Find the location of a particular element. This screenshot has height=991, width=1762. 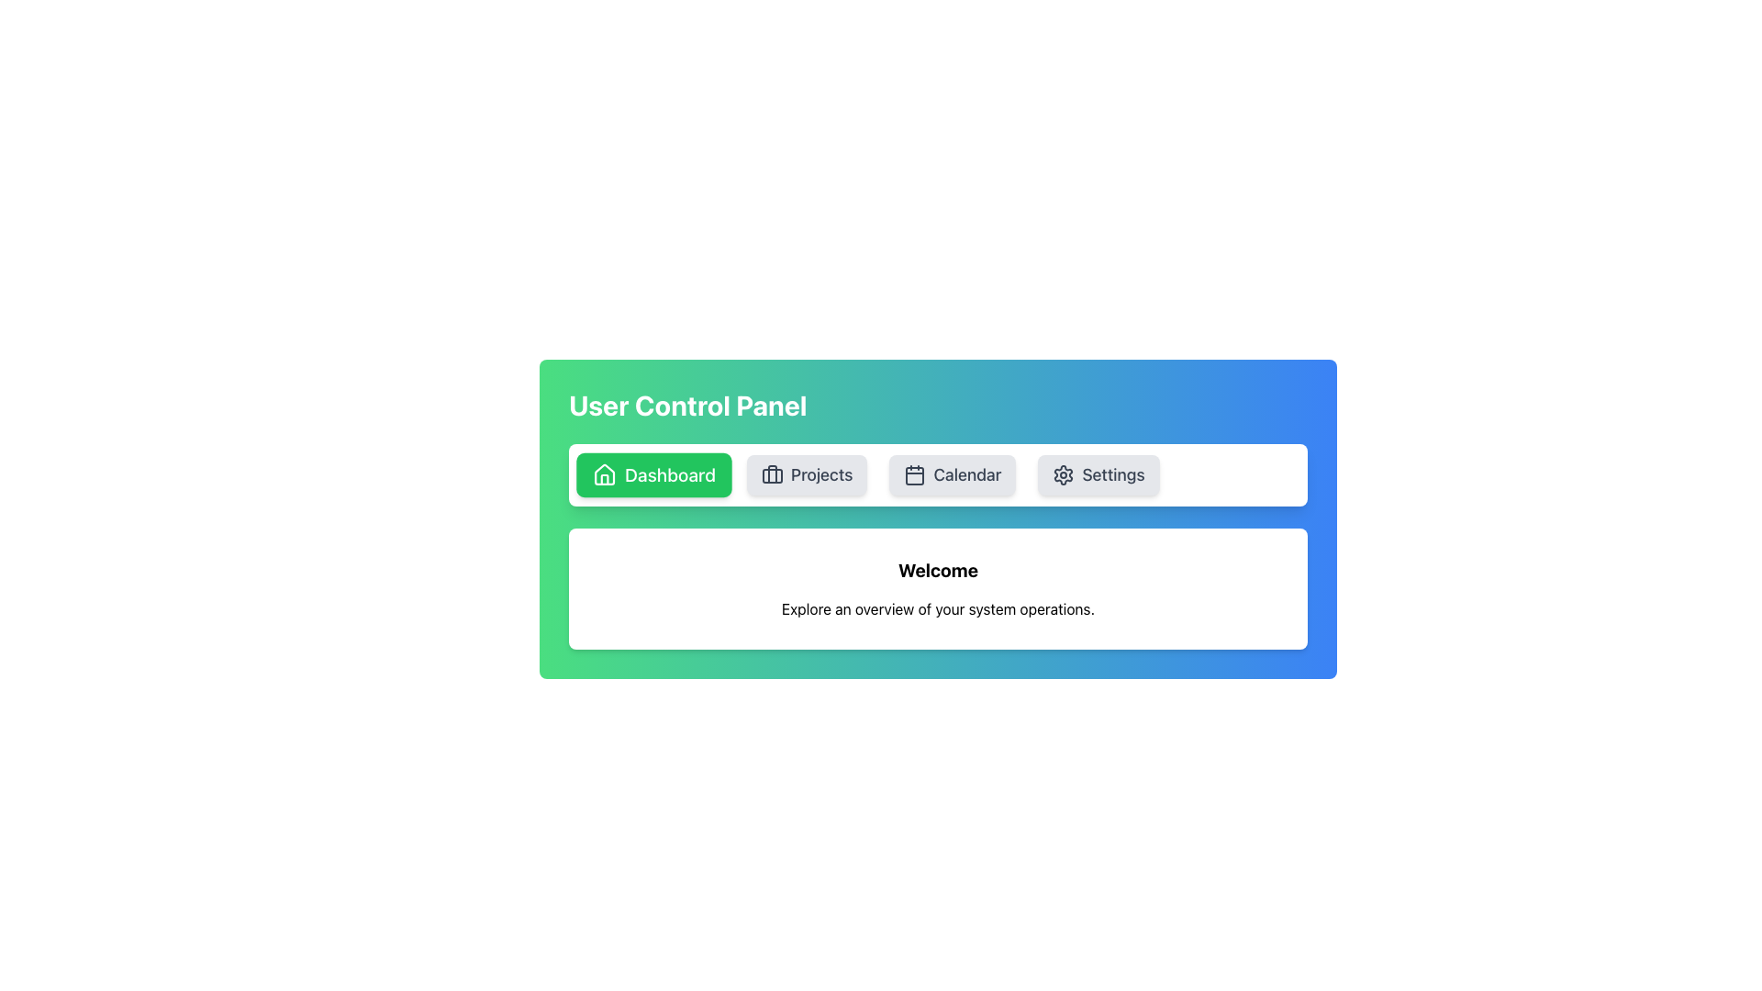

the Navigation bar located in the middle of the visible content, which contains buttons labeled 'Dashboard', 'Projects', 'Calendar', and 'Settings' to visualize hover effects is located at coordinates (938, 473).